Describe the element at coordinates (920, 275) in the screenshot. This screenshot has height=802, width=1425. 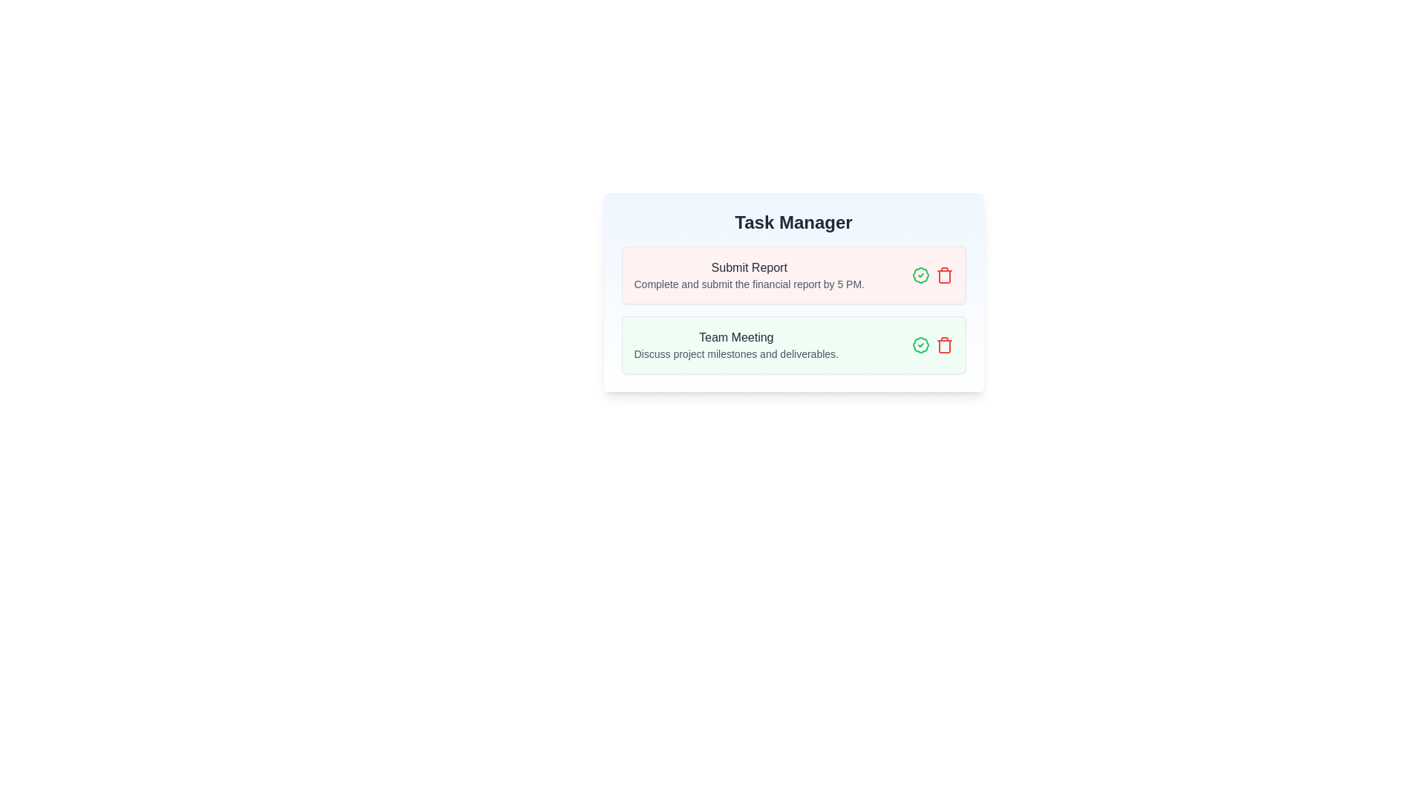
I see `the green circular icon resembling a badge or checkmark within the 'Submit Report' task card` at that location.